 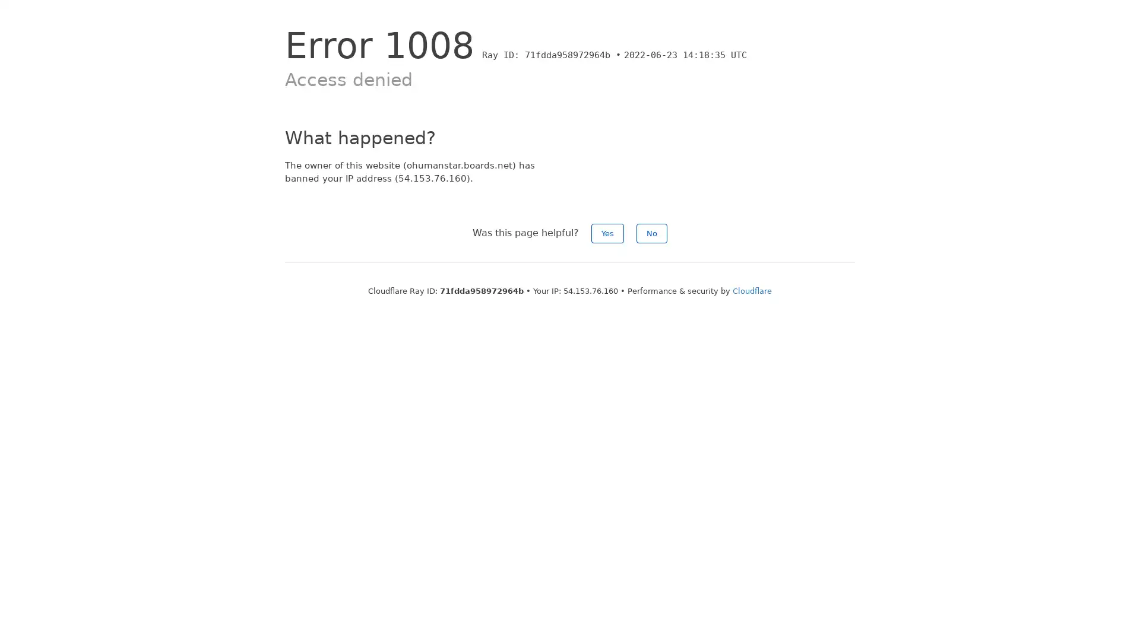 What do you see at coordinates (651, 233) in the screenshot?
I see `No` at bounding box center [651, 233].